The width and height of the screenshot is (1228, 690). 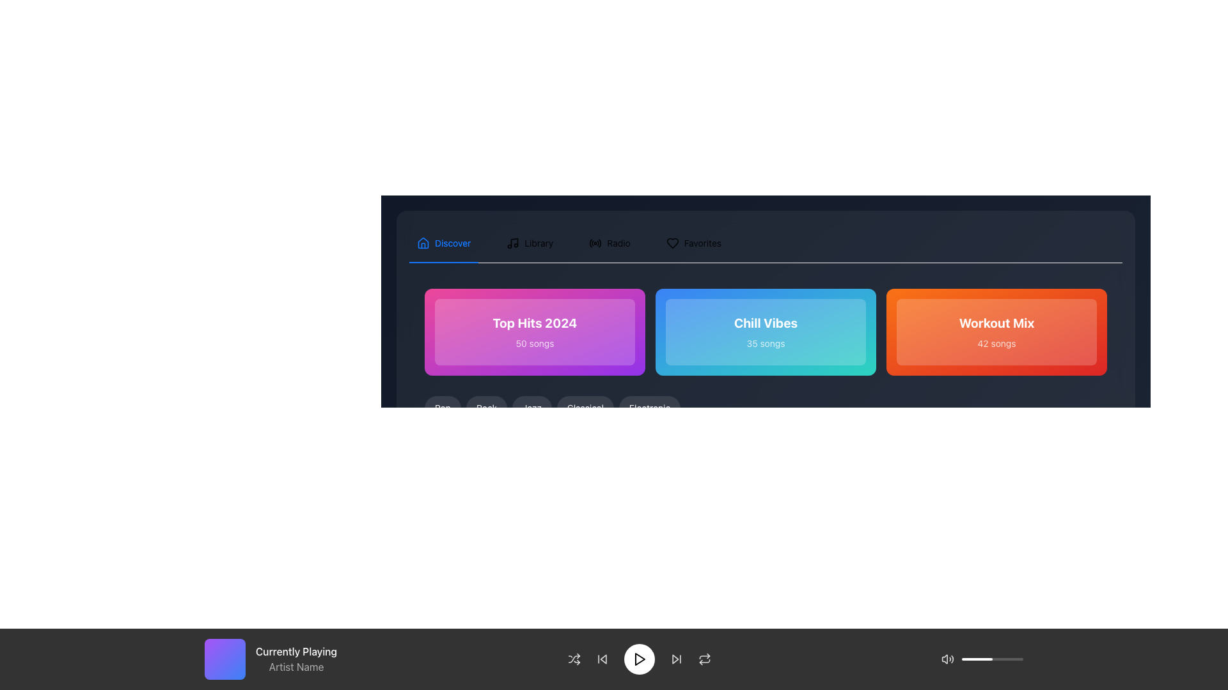 I want to click on the static text display that shows the name of the artist currently being played, located below the 'Currently Playing' text in the footer section, so click(x=295, y=666).